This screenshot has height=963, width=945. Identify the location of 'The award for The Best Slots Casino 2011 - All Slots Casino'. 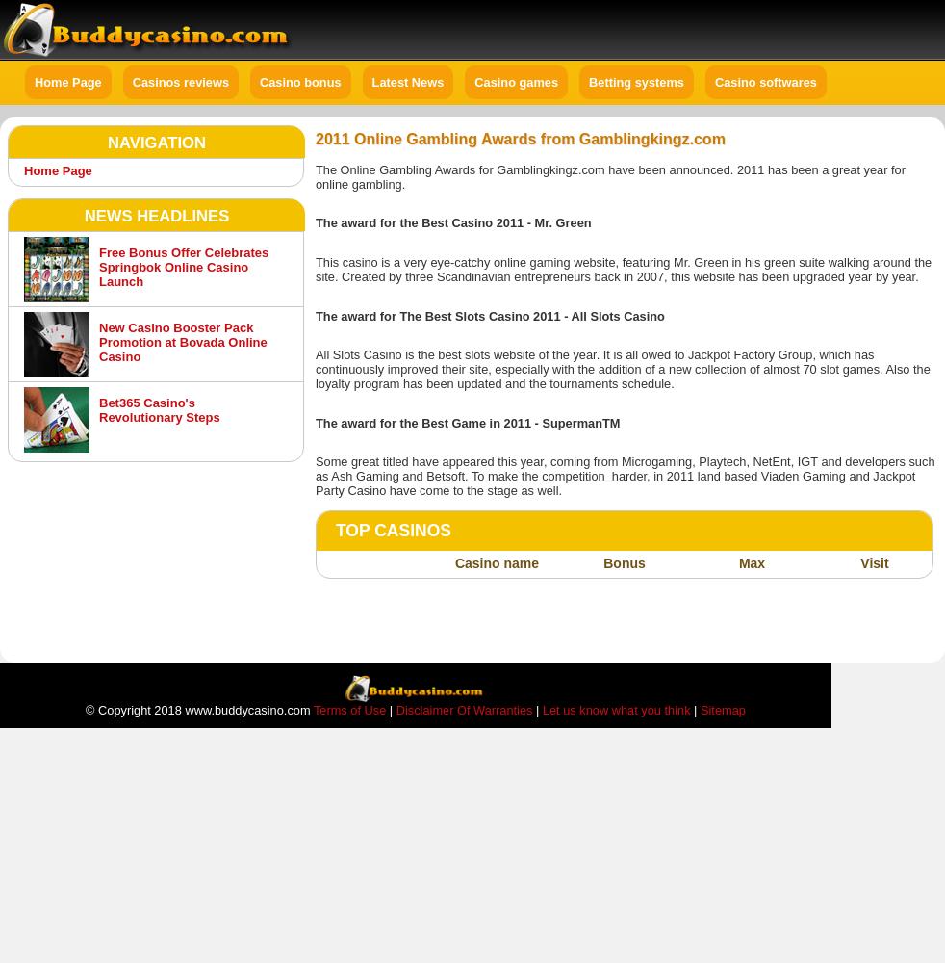
(315, 314).